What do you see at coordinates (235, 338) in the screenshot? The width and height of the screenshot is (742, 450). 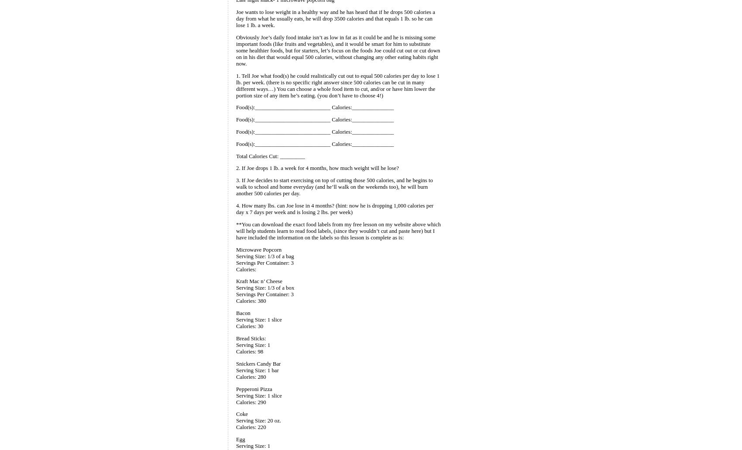 I see `'Bread Sticks:'` at bounding box center [235, 338].